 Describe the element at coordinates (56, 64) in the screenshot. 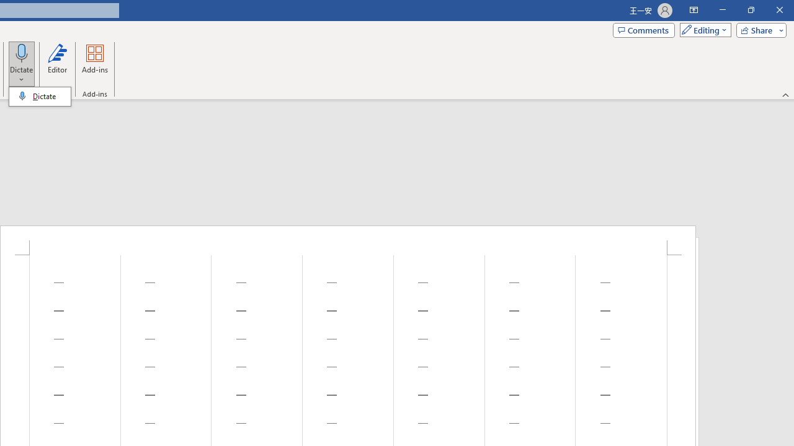

I see `'Editor'` at that location.